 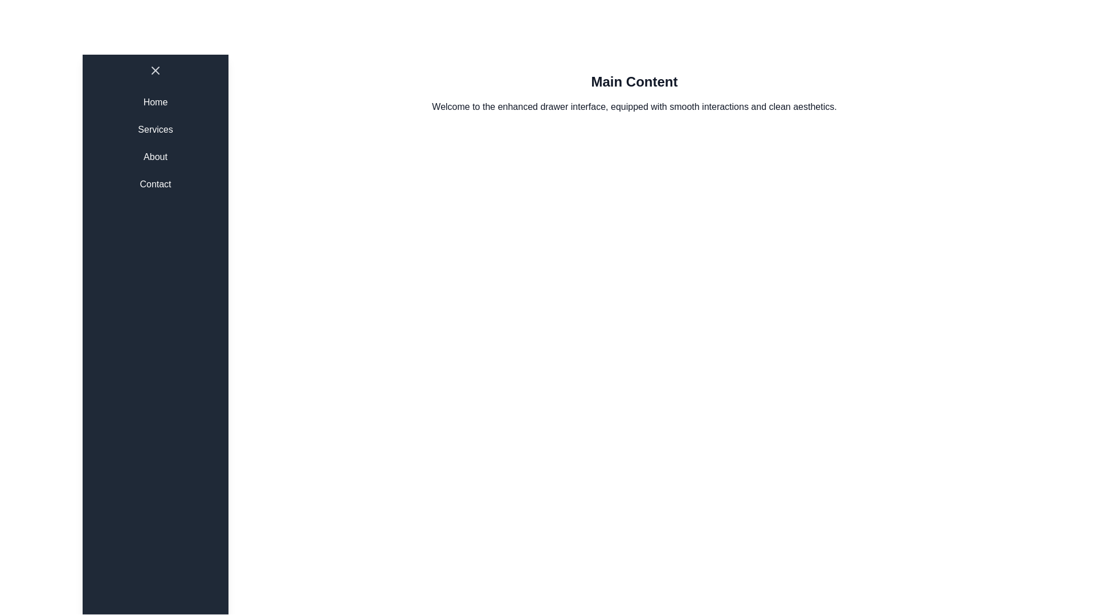 What do you see at coordinates (155, 184) in the screenshot?
I see `the 'Contact' navigation list item in the vertical sidebar menu` at bounding box center [155, 184].